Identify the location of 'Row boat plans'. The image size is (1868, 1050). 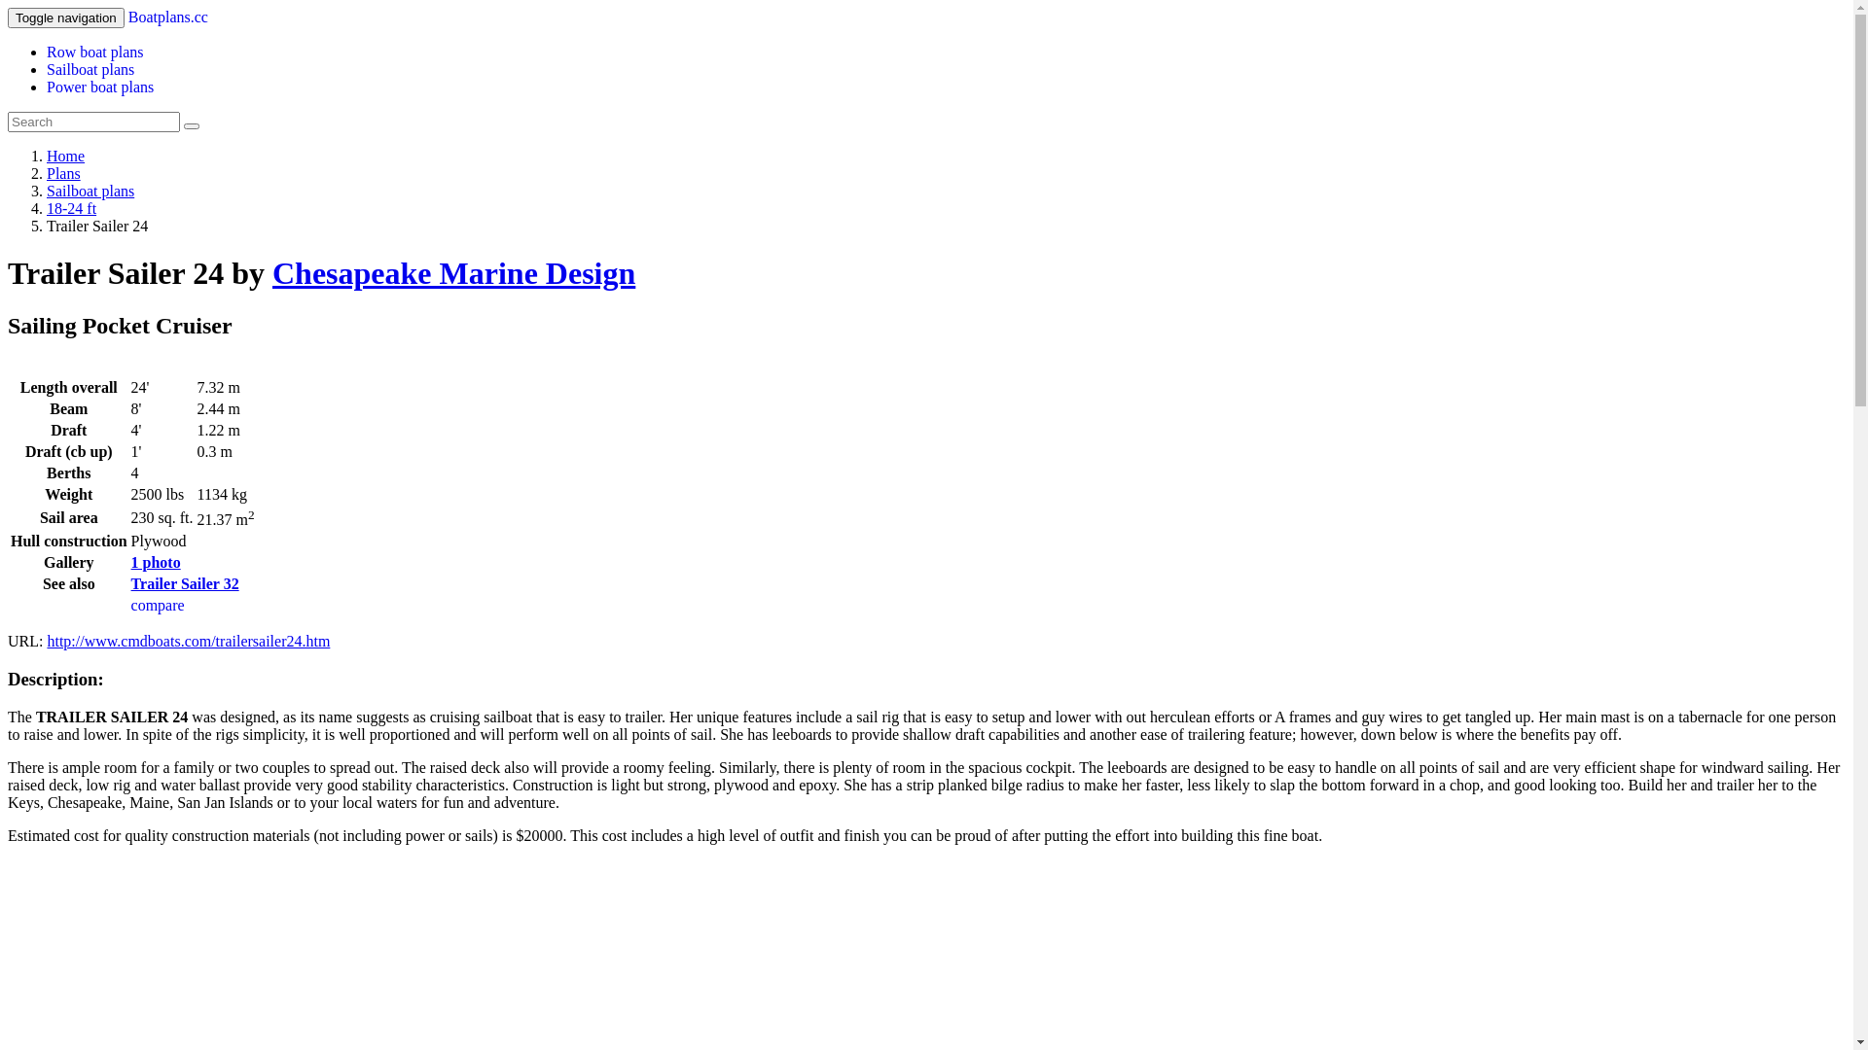
(93, 51).